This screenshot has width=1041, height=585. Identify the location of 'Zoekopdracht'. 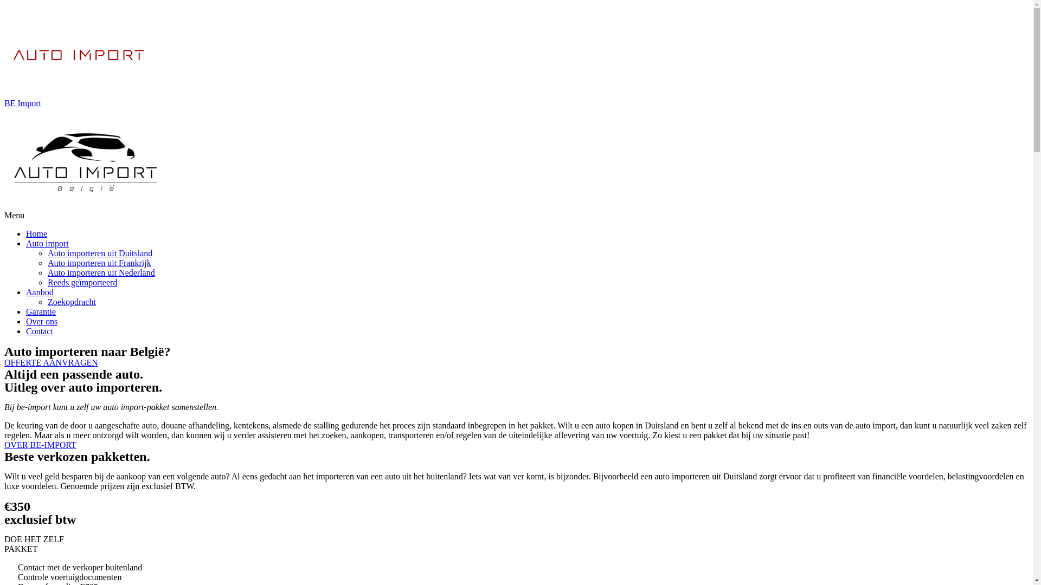
(71, 302).